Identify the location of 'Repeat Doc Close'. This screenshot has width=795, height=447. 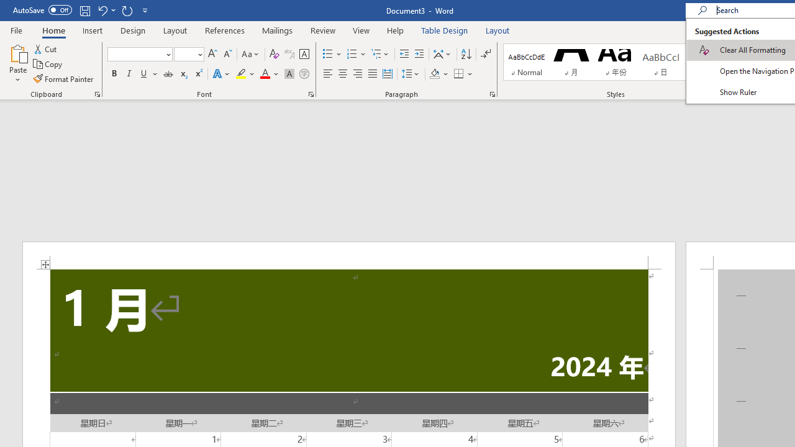
(127, 10).